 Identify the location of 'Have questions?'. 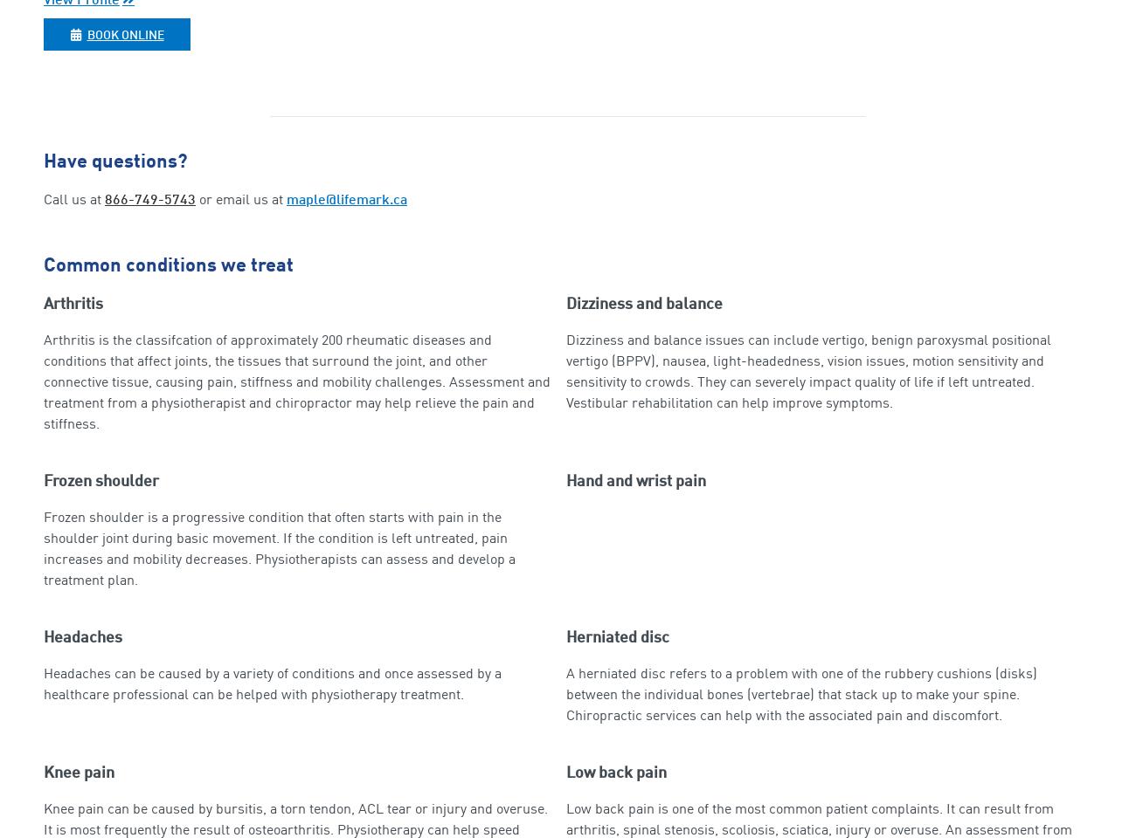
(114, 161).